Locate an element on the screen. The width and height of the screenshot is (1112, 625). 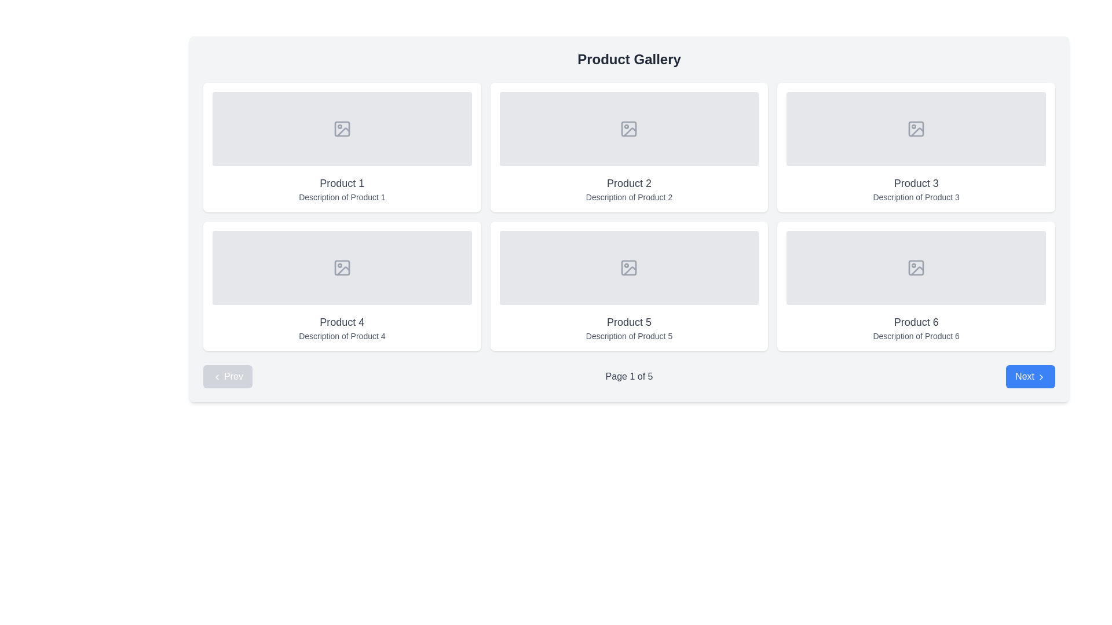
the first card component in the grid layout, which has a white background, rounded corners, and displays 'Product 1' and its description is located at coordinates (341, 146).